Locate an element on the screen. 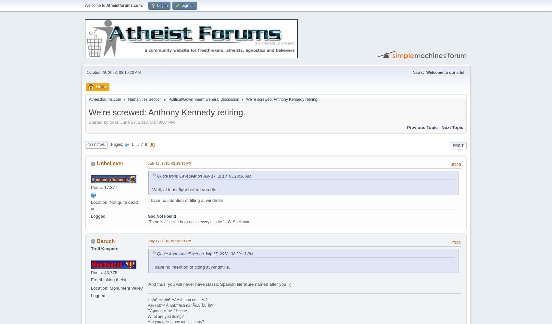  'Troll Keepers' is located at coordinates (91, 248).